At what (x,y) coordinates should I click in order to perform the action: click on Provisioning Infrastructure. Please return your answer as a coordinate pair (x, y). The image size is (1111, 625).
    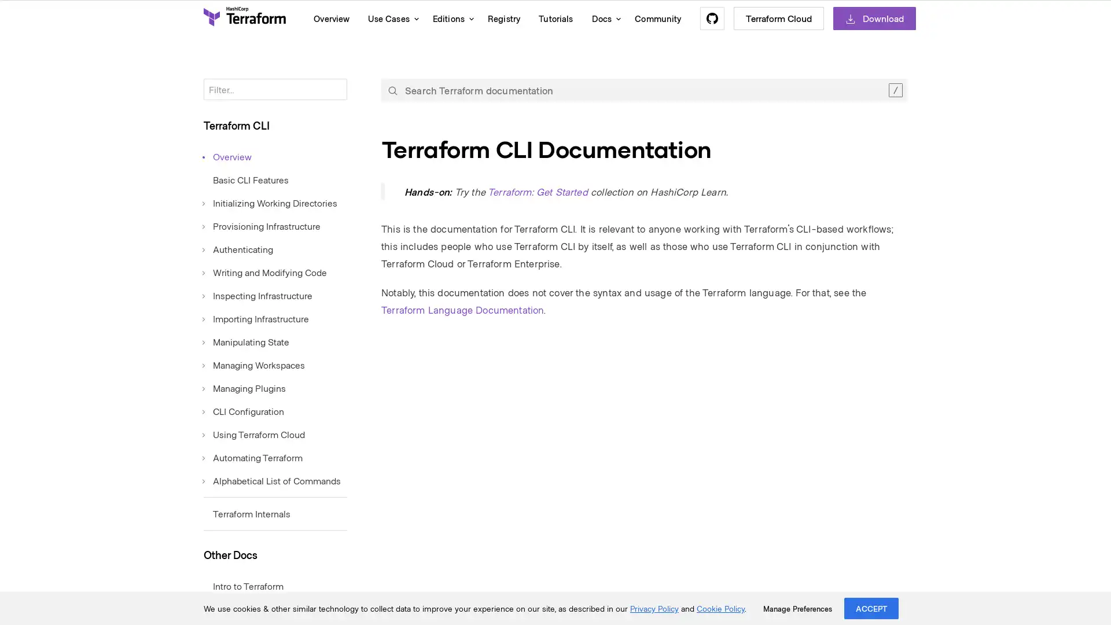
    Looking at the image, I should click on (261, 225).